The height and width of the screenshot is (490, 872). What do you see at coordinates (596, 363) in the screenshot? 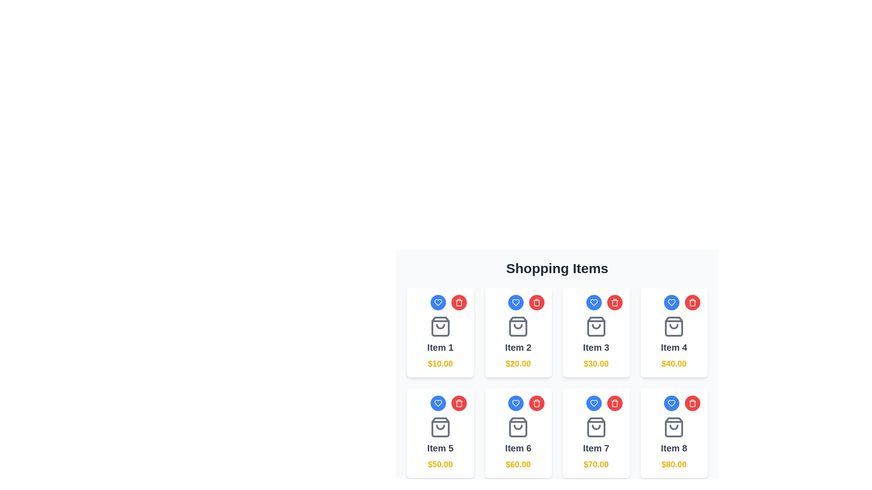
I see `the price element displaying '$30.00' in bold yellow font located below the label of 'Item 3'` at bounding box center [596, 363].